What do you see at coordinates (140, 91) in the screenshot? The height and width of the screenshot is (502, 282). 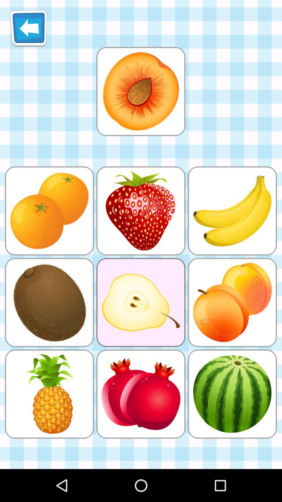 I see `image` at bounding box center [140, 91].